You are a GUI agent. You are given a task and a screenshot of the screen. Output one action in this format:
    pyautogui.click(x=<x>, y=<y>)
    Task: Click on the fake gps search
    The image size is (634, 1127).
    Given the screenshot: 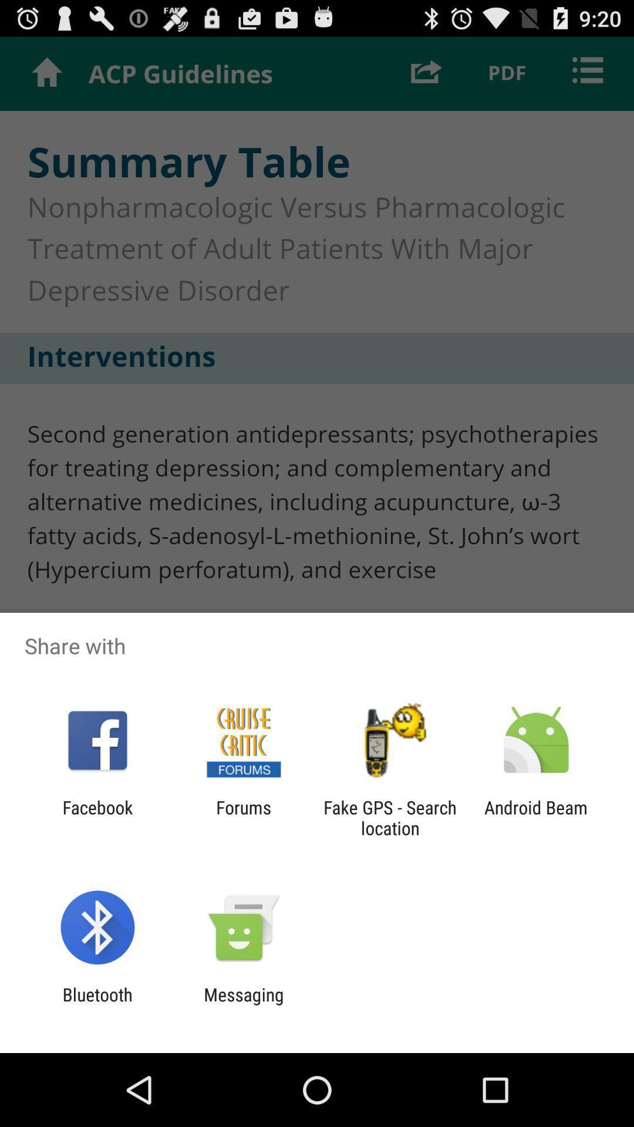 What is the action you would take?
    pyautogui.click(x=390, y=817)
    